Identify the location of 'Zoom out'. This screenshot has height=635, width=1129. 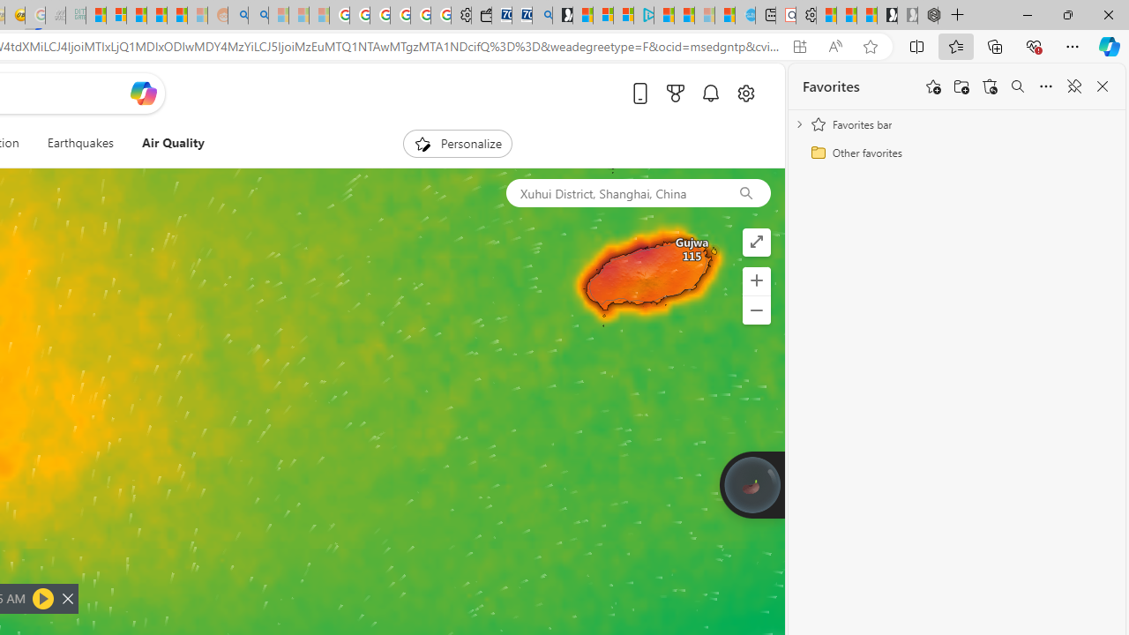
(757, 310).